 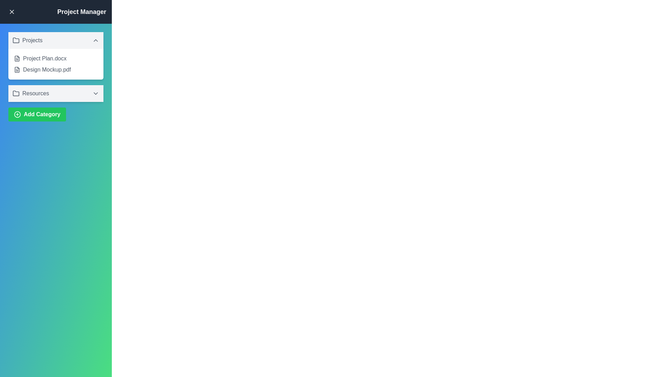 I want to click on the document icon representing 'Design Mockup.pdf' located in the 'Projects' section, so click(x=17, y=70).